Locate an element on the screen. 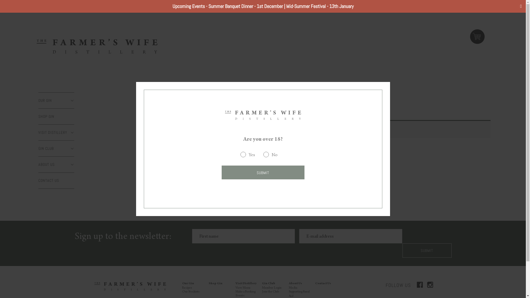  'Member Login' is located at coordinates (272, 288).